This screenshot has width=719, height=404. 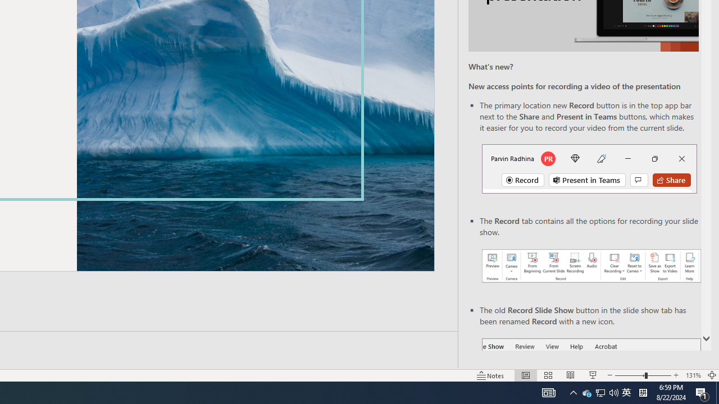 I want to click on 'Zoom 131%', so click(x=693, y=375).